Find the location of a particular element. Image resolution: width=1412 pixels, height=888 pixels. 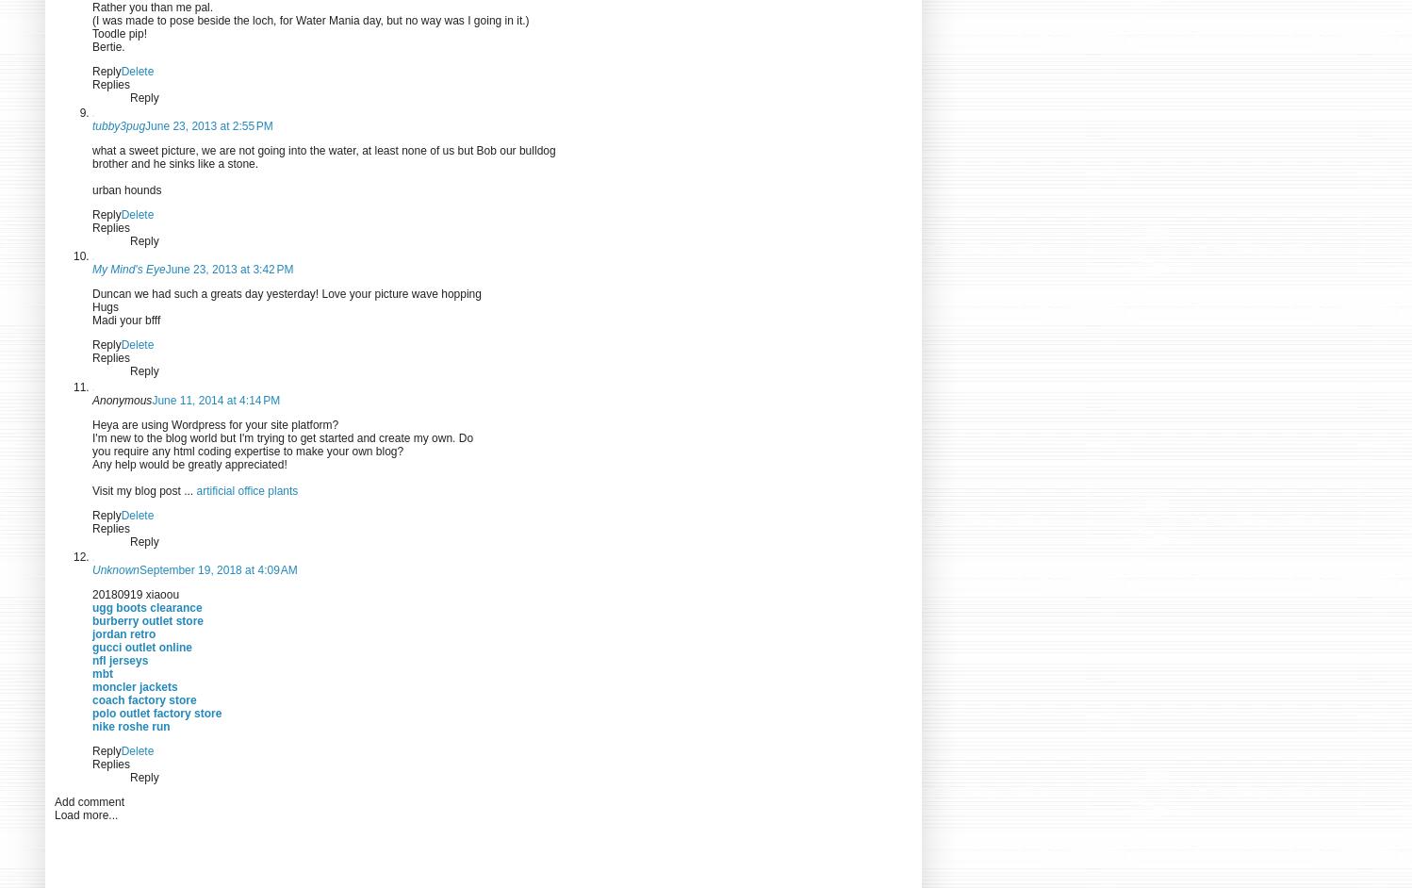

'tubby3pug' is located at coordinates (90, 126).